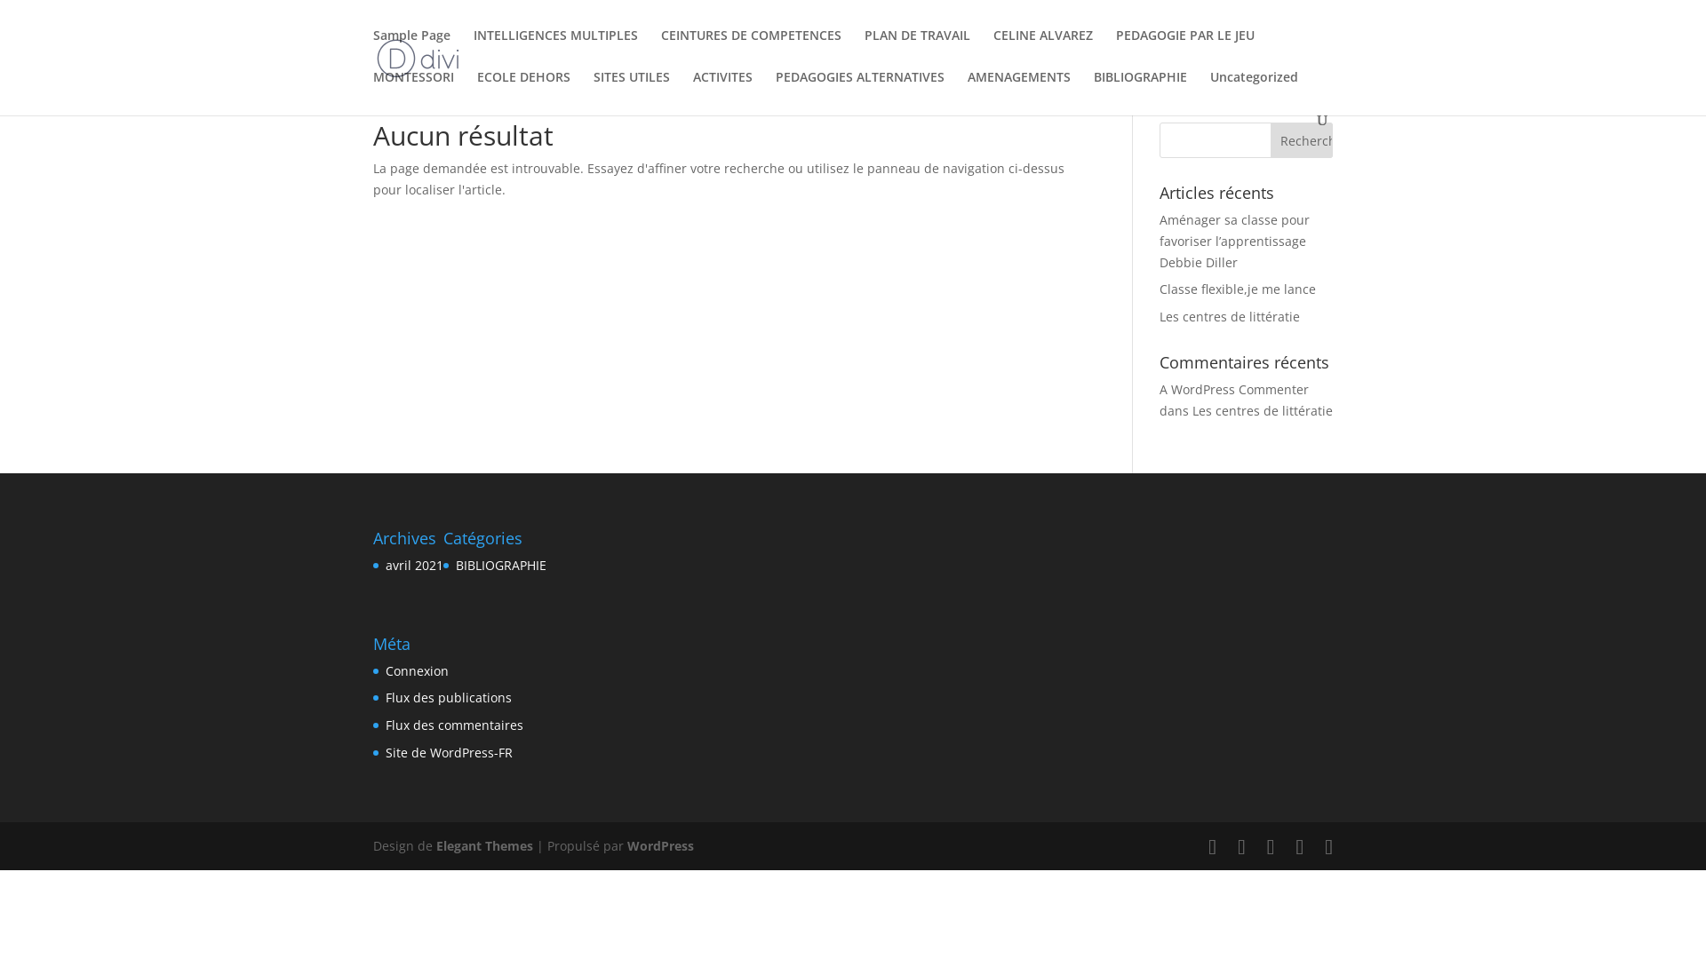 This screenshot has width=1706, height=959. Describe the element at coordinates (522, 91) in the screenshot. I see `'ECOLE DEHORS'` at that location.